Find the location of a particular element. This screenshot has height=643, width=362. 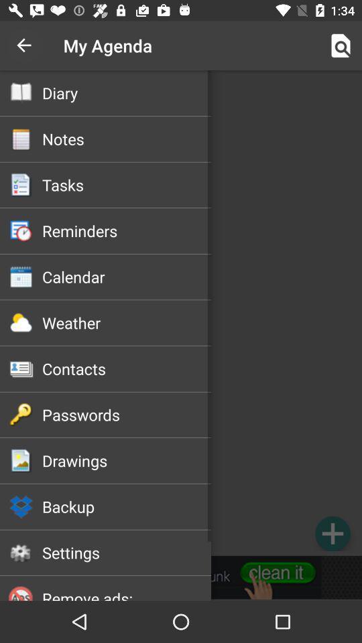

the add icon is located at coordinates (332, 533).